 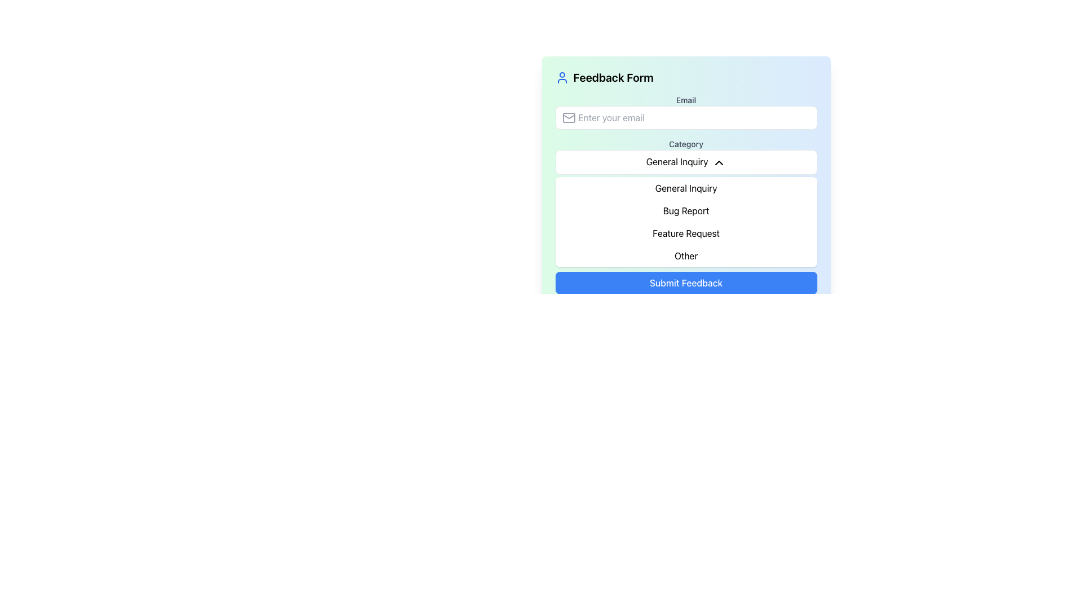 What do you see at coordinates (685, 168) in the screenshot?
I see `the Dropdown menu located centrally in the form` at bounding box center [685, 168].